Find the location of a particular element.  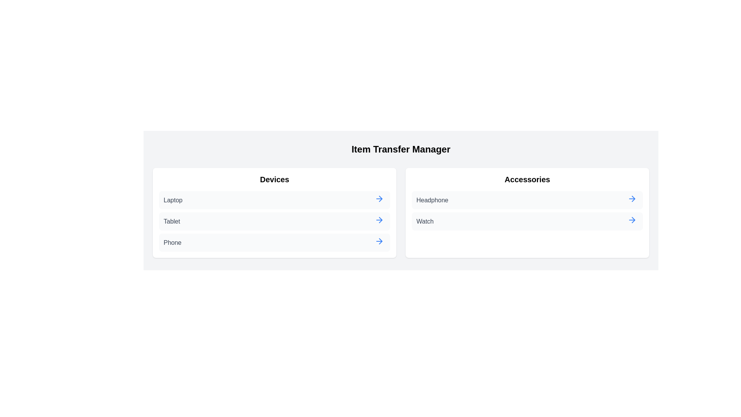

arrow button next to the item Tablet in the category Devices to transfer it to the other category is located at coordinates (379, 220).